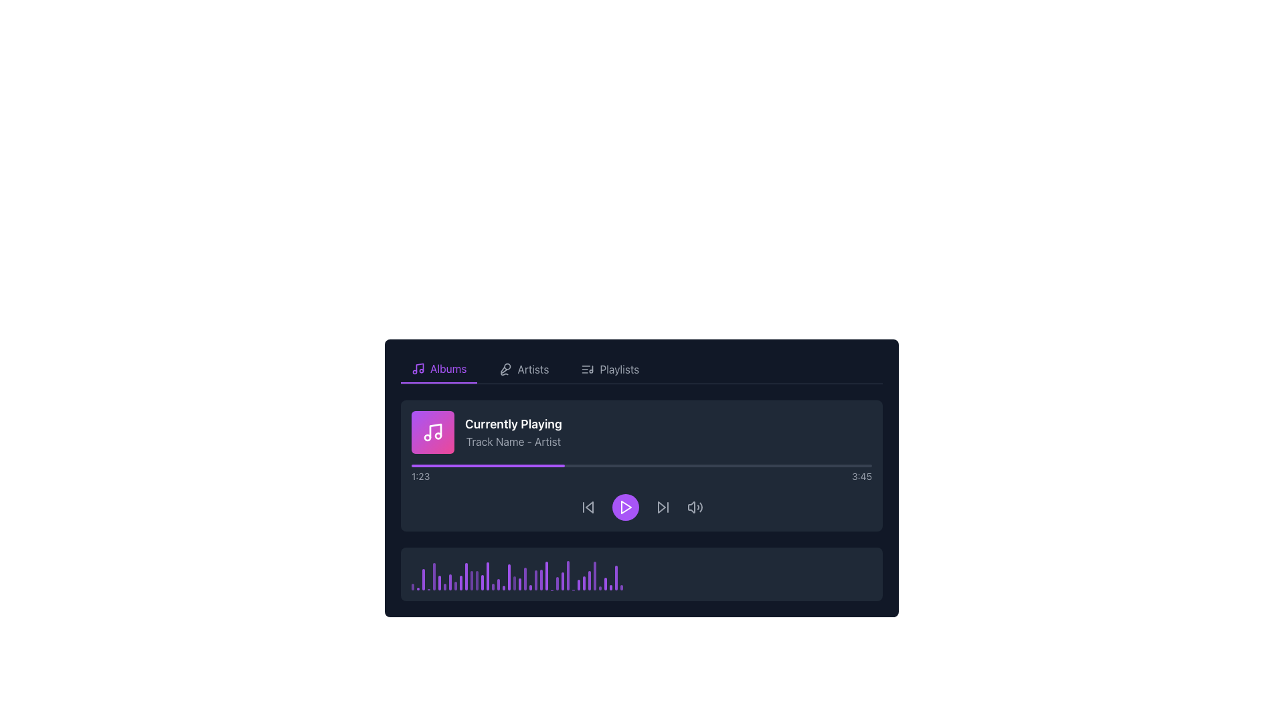  I want to click on the UI visualizer bar that represents a specific level or frequency point, located approximately three slots from the right in a row of about 50 bars at the base of the music player interface, so click(536, 579).